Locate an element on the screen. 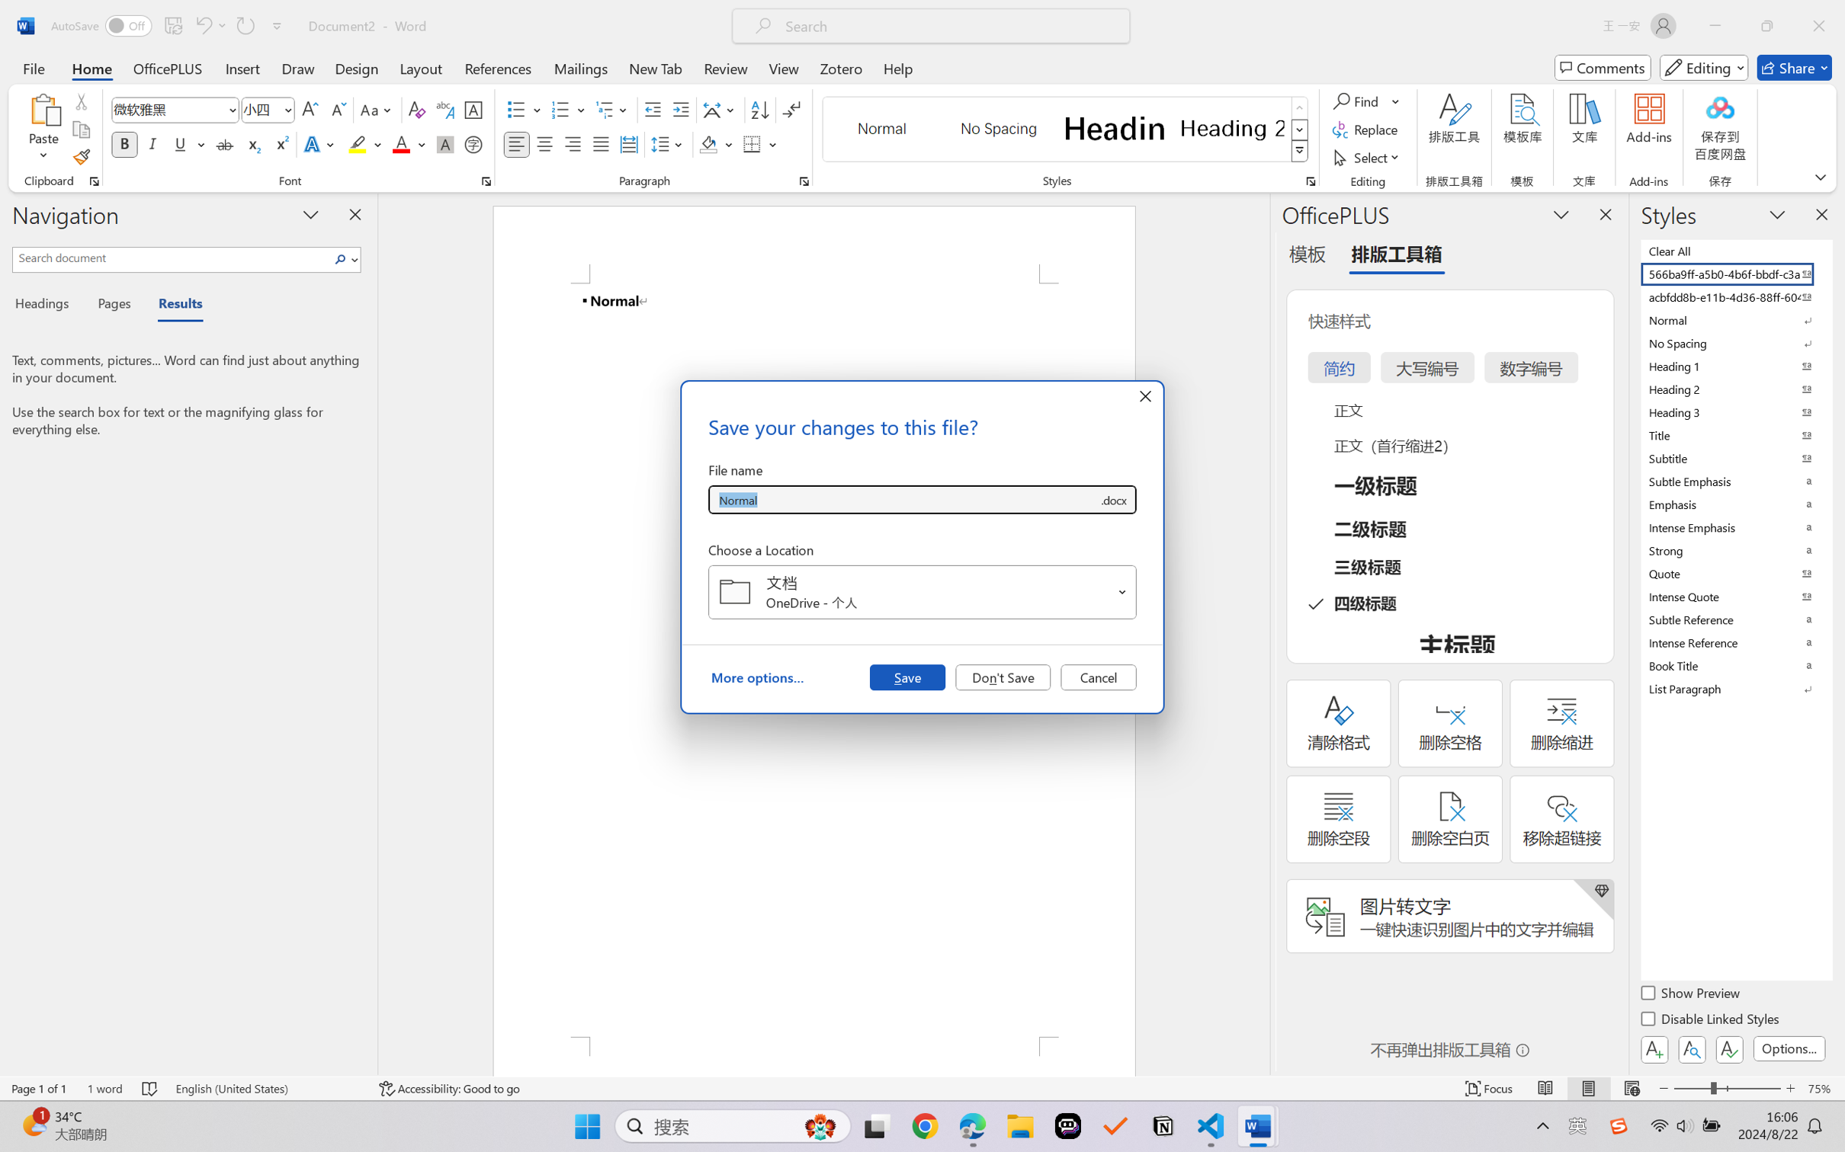 The height and width of the screenshot is (1152, 1845). 'Center' is located at coordinates (544, 143).